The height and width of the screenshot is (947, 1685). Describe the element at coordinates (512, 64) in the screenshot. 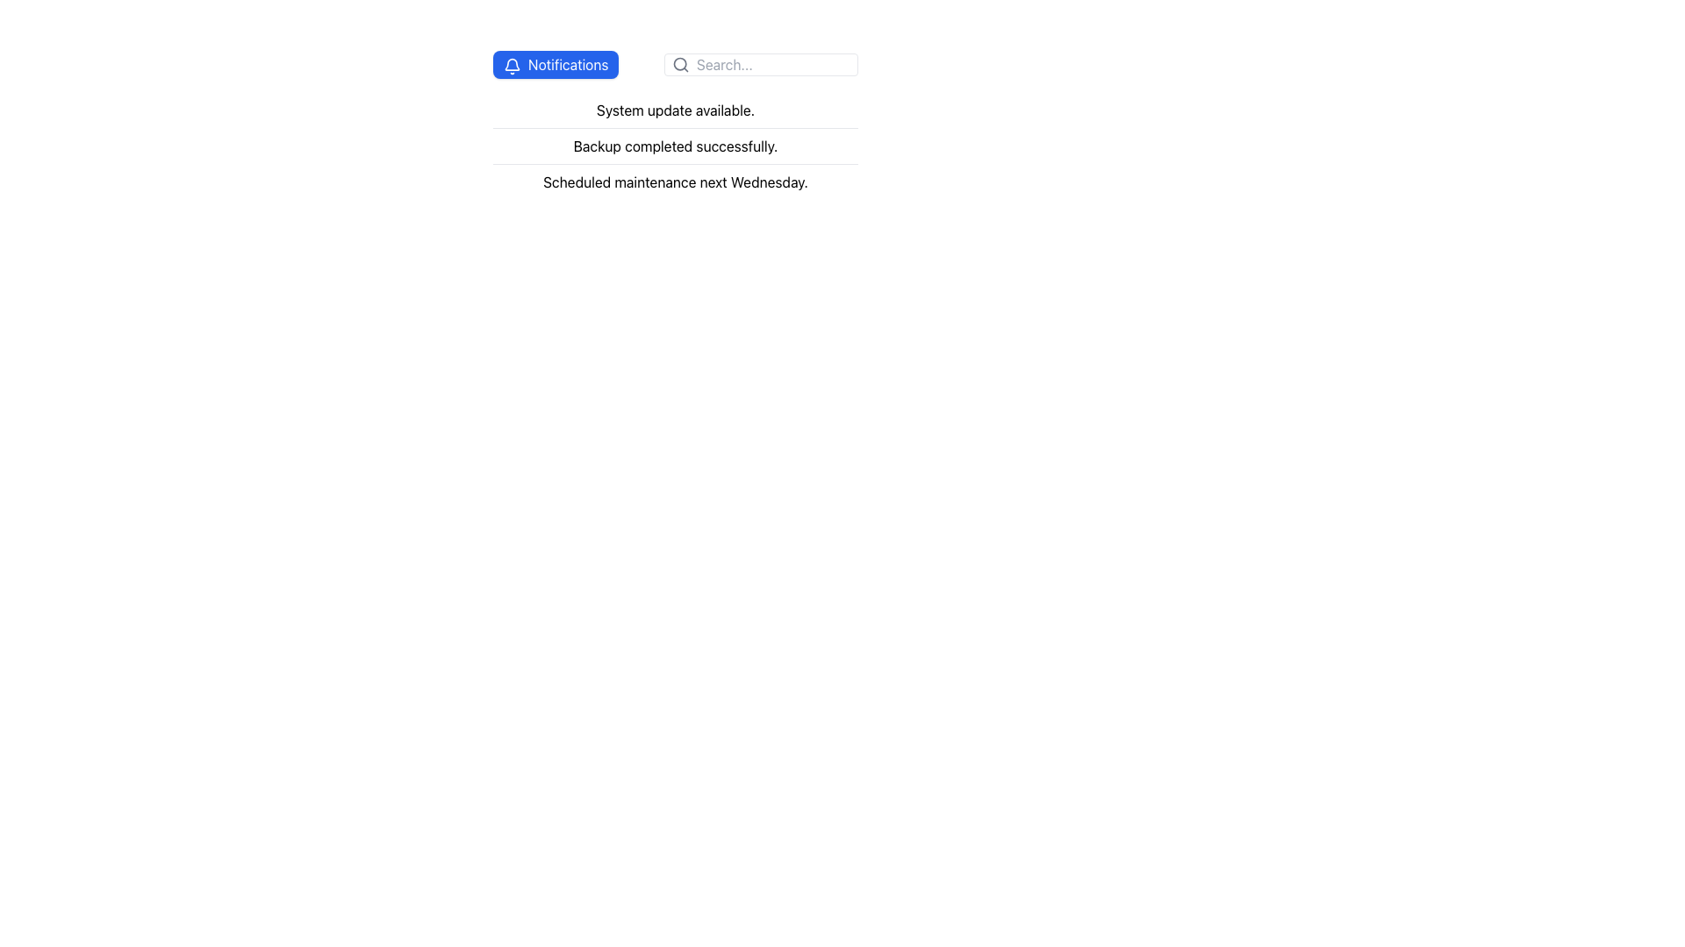

I see `the bell icon, which is styled with a clean and minimalistic outline design and located inside a blue rounded rectangle labeled 'Notifications'` at that location.